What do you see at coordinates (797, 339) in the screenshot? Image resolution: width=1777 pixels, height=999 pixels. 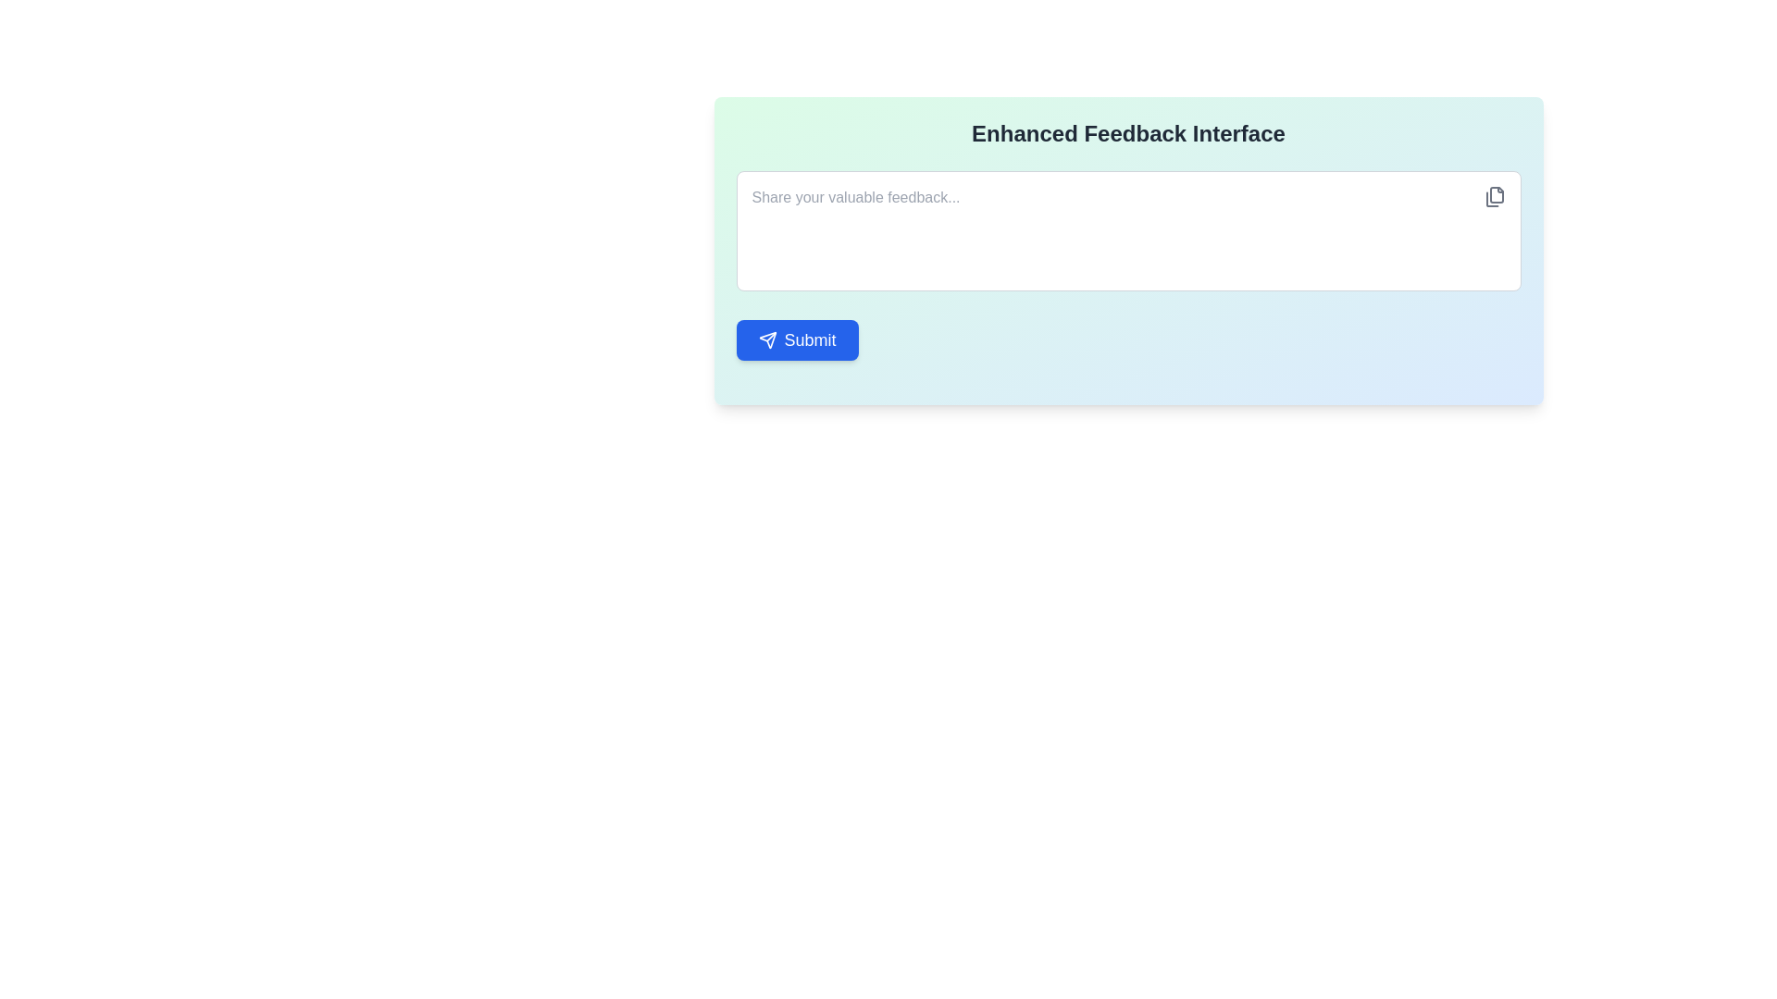 I see `the submit button located at the bottom left of the feedback form` at bounding box center [797, 339].